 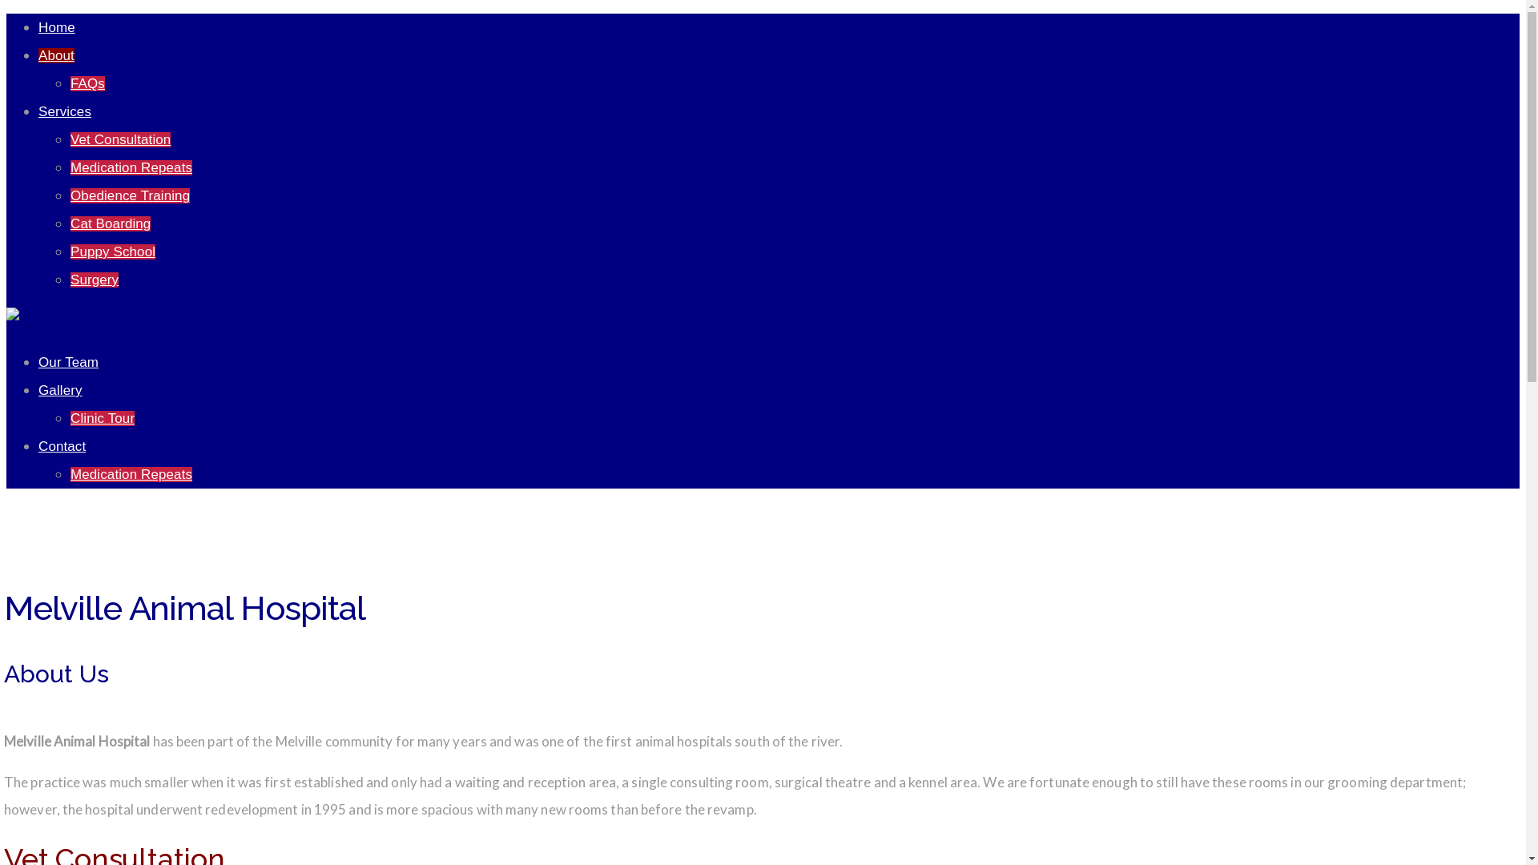 I want to click on 'Our Team', so click(x=38, y=362).